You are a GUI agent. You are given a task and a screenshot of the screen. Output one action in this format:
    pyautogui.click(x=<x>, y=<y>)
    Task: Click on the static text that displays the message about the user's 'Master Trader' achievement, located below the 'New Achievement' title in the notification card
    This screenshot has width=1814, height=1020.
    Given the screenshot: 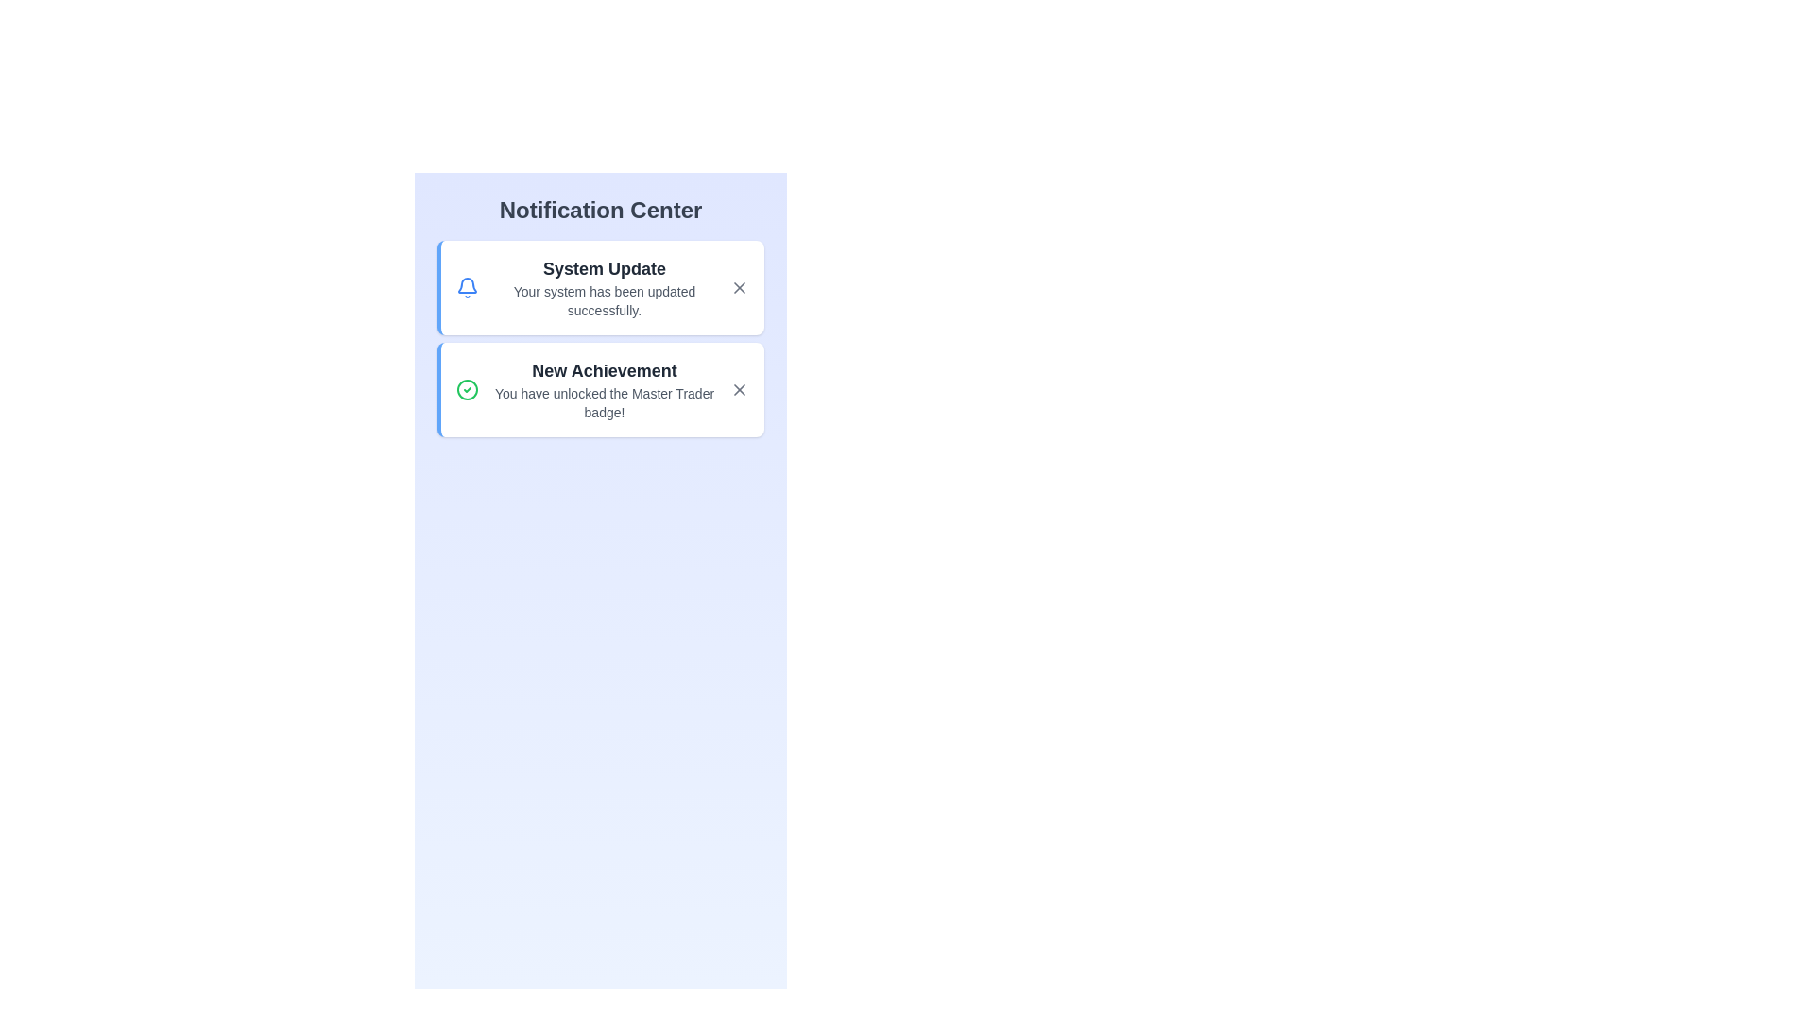 What is the action you would take?
    pyautogui.click(x=603, y=402)
    